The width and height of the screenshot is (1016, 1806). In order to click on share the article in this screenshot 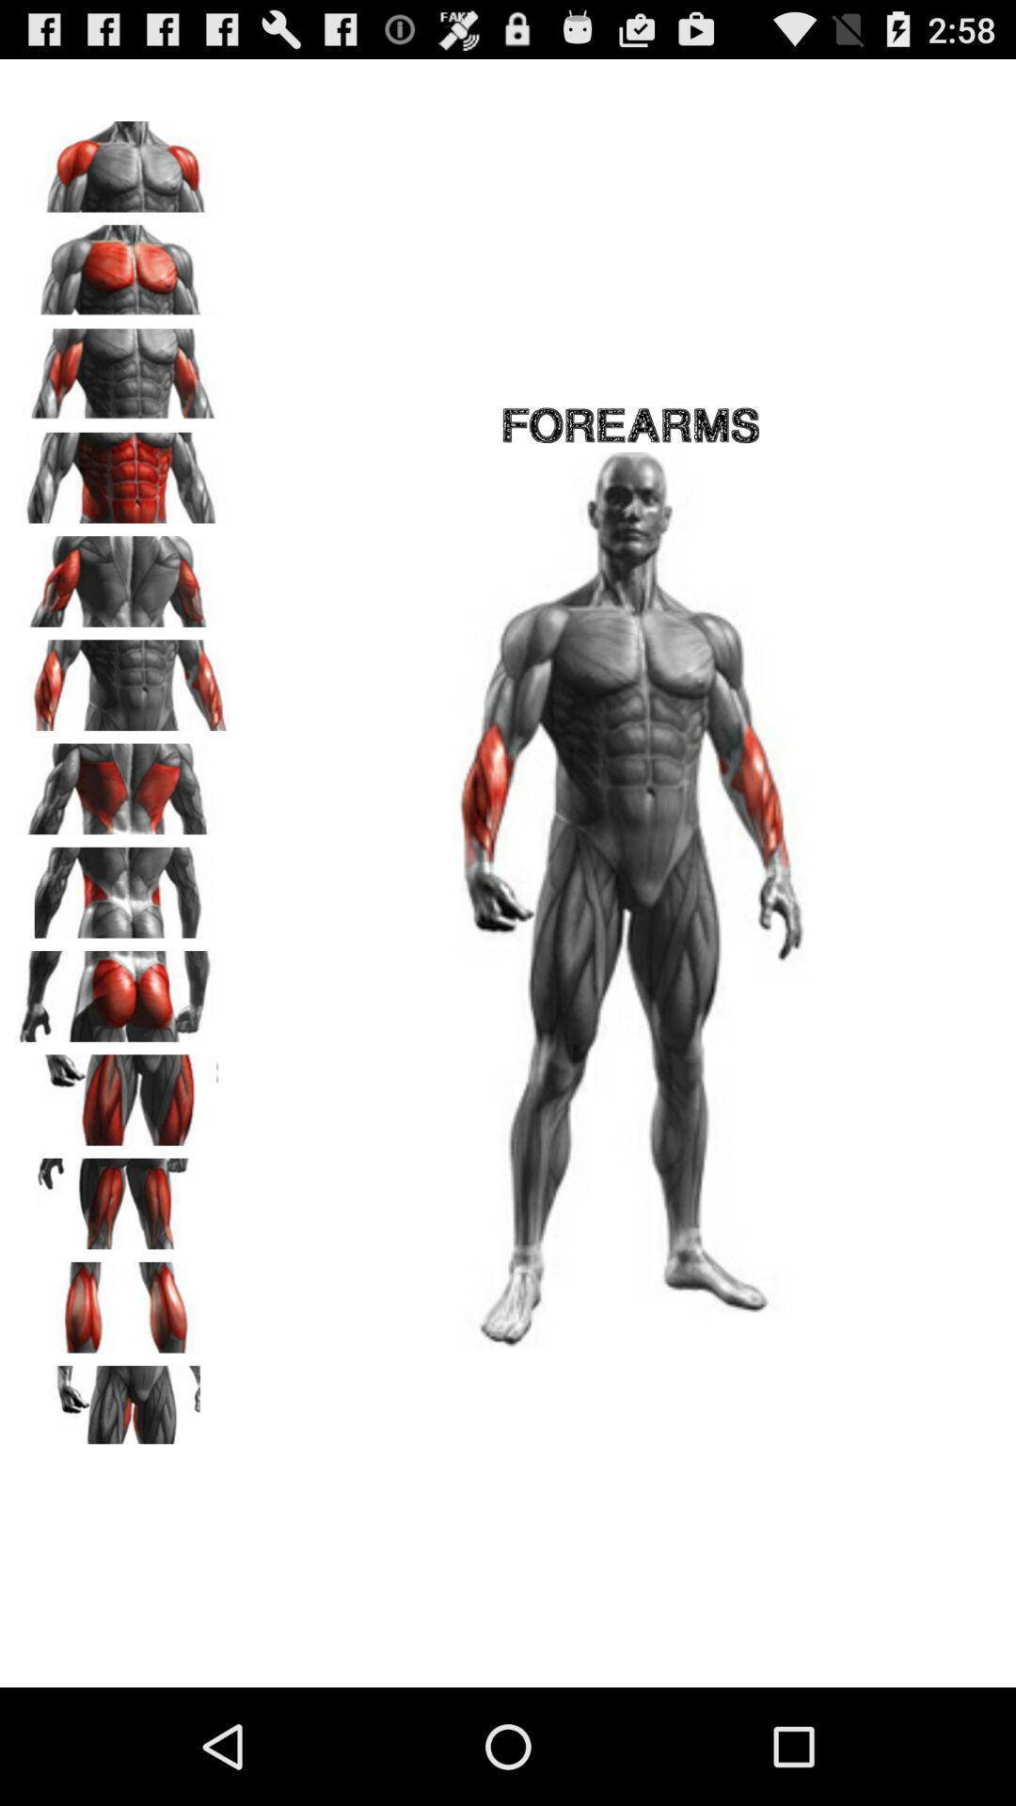, I will do `click(123, 1404)`.